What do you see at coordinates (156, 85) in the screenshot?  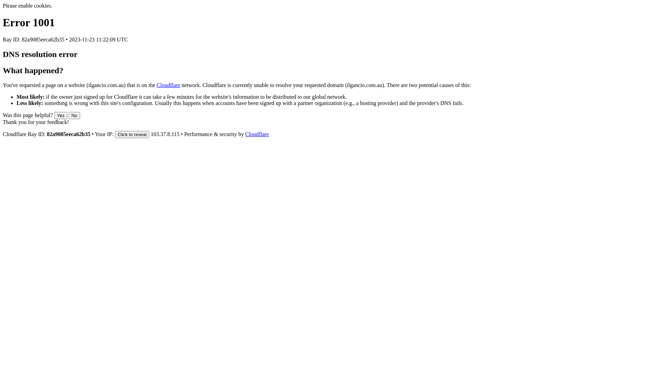 I see `'Cloudflare'` at bounding box center [156, 85].